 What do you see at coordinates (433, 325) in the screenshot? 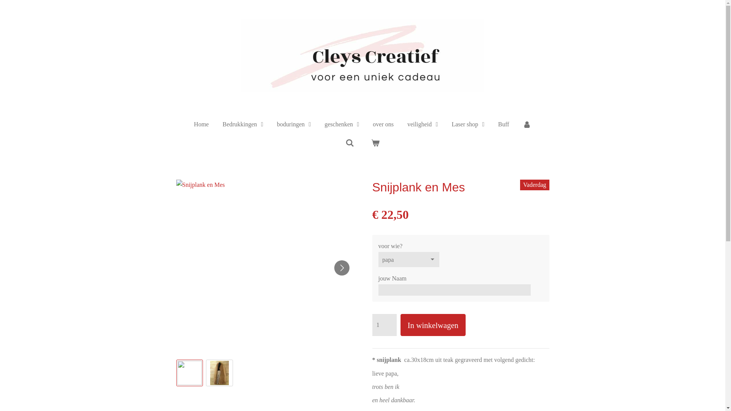
I see `'In winkelwagen'` at bounding box center [433, 325].